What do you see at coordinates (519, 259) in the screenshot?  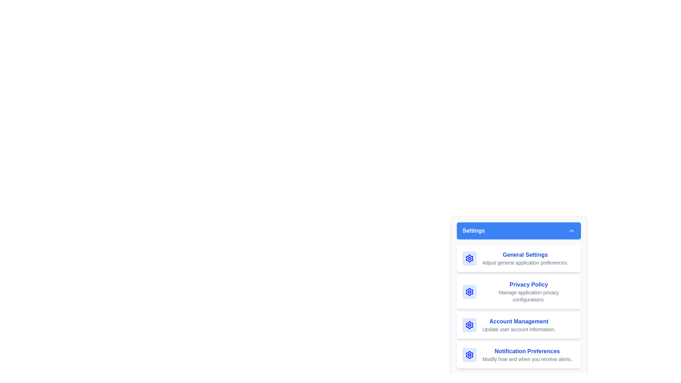 I see `the menu item General Settings from the dropdown` at bounding box center [519, 259].